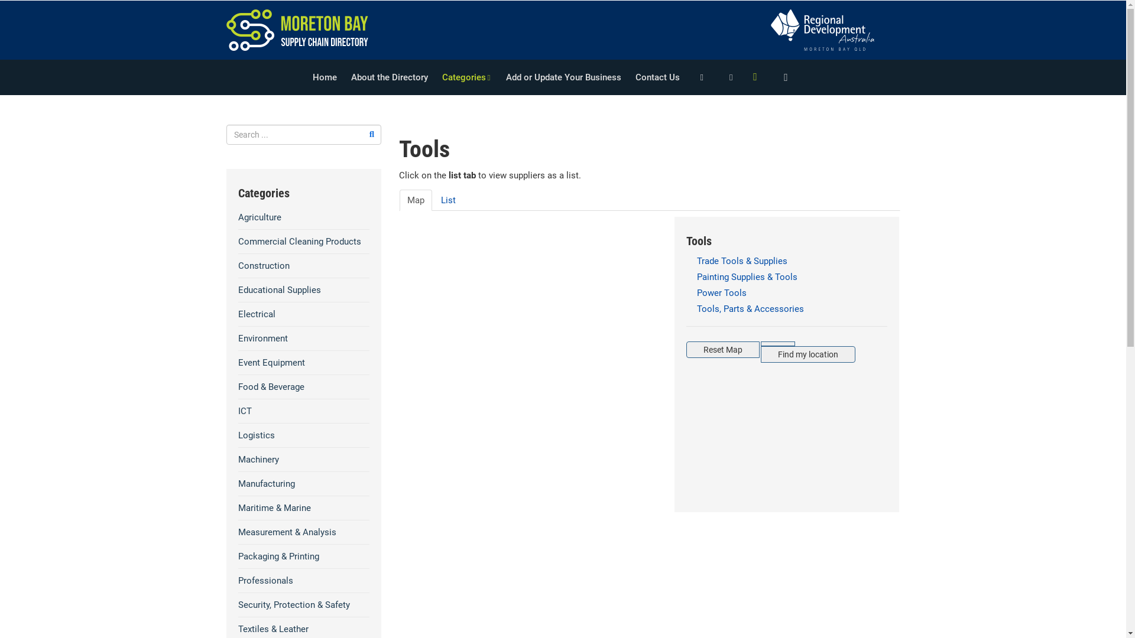  Describe the element at coordinates (303, 532) in the screenshot. I see `'Measurement & Analysis'` at that location.